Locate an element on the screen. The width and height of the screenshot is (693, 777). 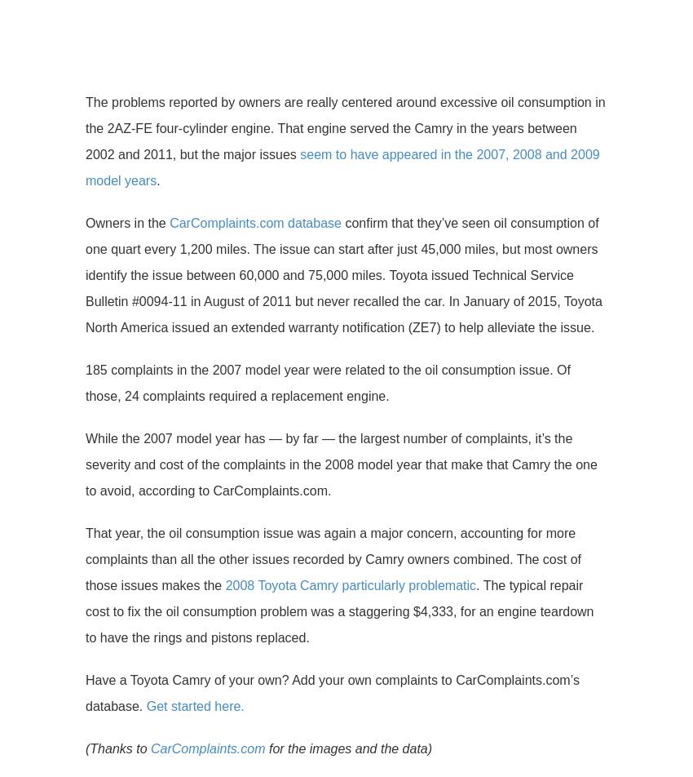
'Get started here.' is located at coordinates (195, 706).